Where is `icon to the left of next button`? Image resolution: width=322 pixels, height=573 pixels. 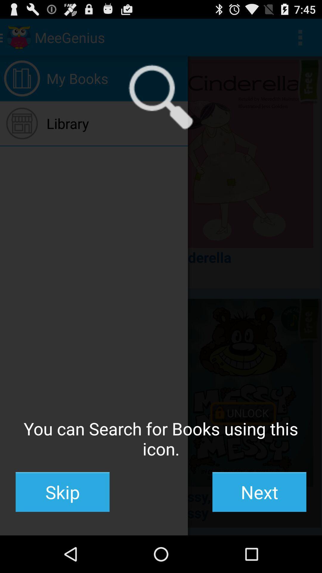 icon to the left of next button is located at coordinates (62, 492).